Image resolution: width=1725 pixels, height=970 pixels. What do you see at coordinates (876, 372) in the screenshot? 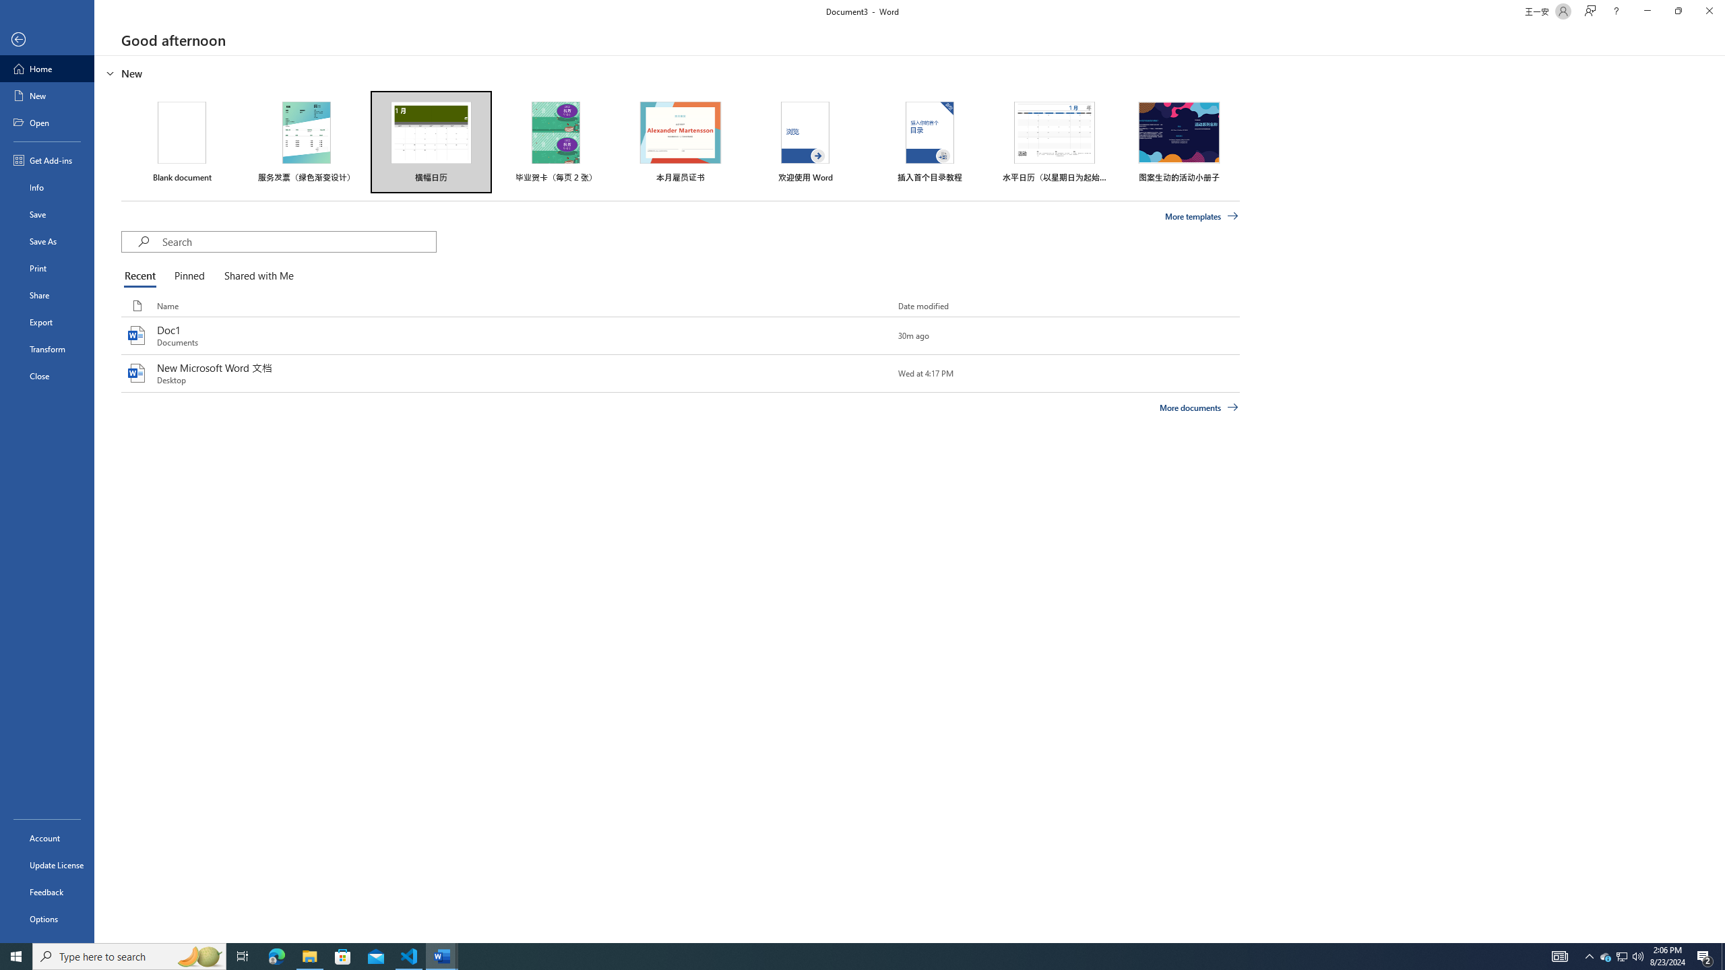
I see `'Pin this item to the list'` at bounding box center [876, 372].